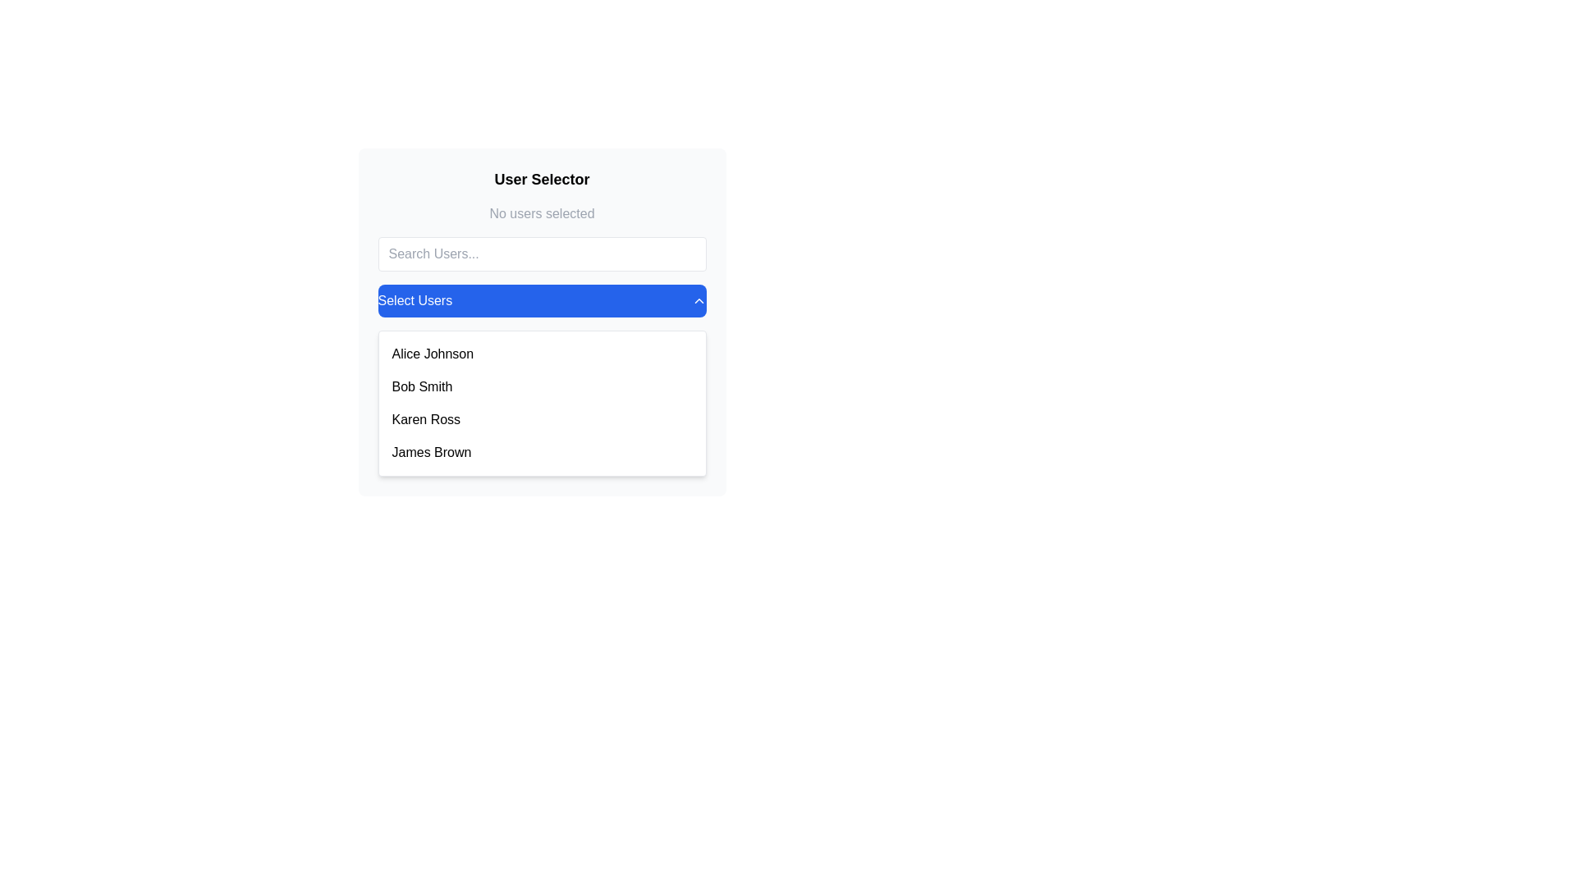 Image resolution: width=1576 pixels, height=886 pixels. Describe the element at coordinates (542, 212) in the screenshot. I see `the Text label indicating that no users are currently selected, which is centrally located below the 'User Selector' heading and above the search input box` at that location.